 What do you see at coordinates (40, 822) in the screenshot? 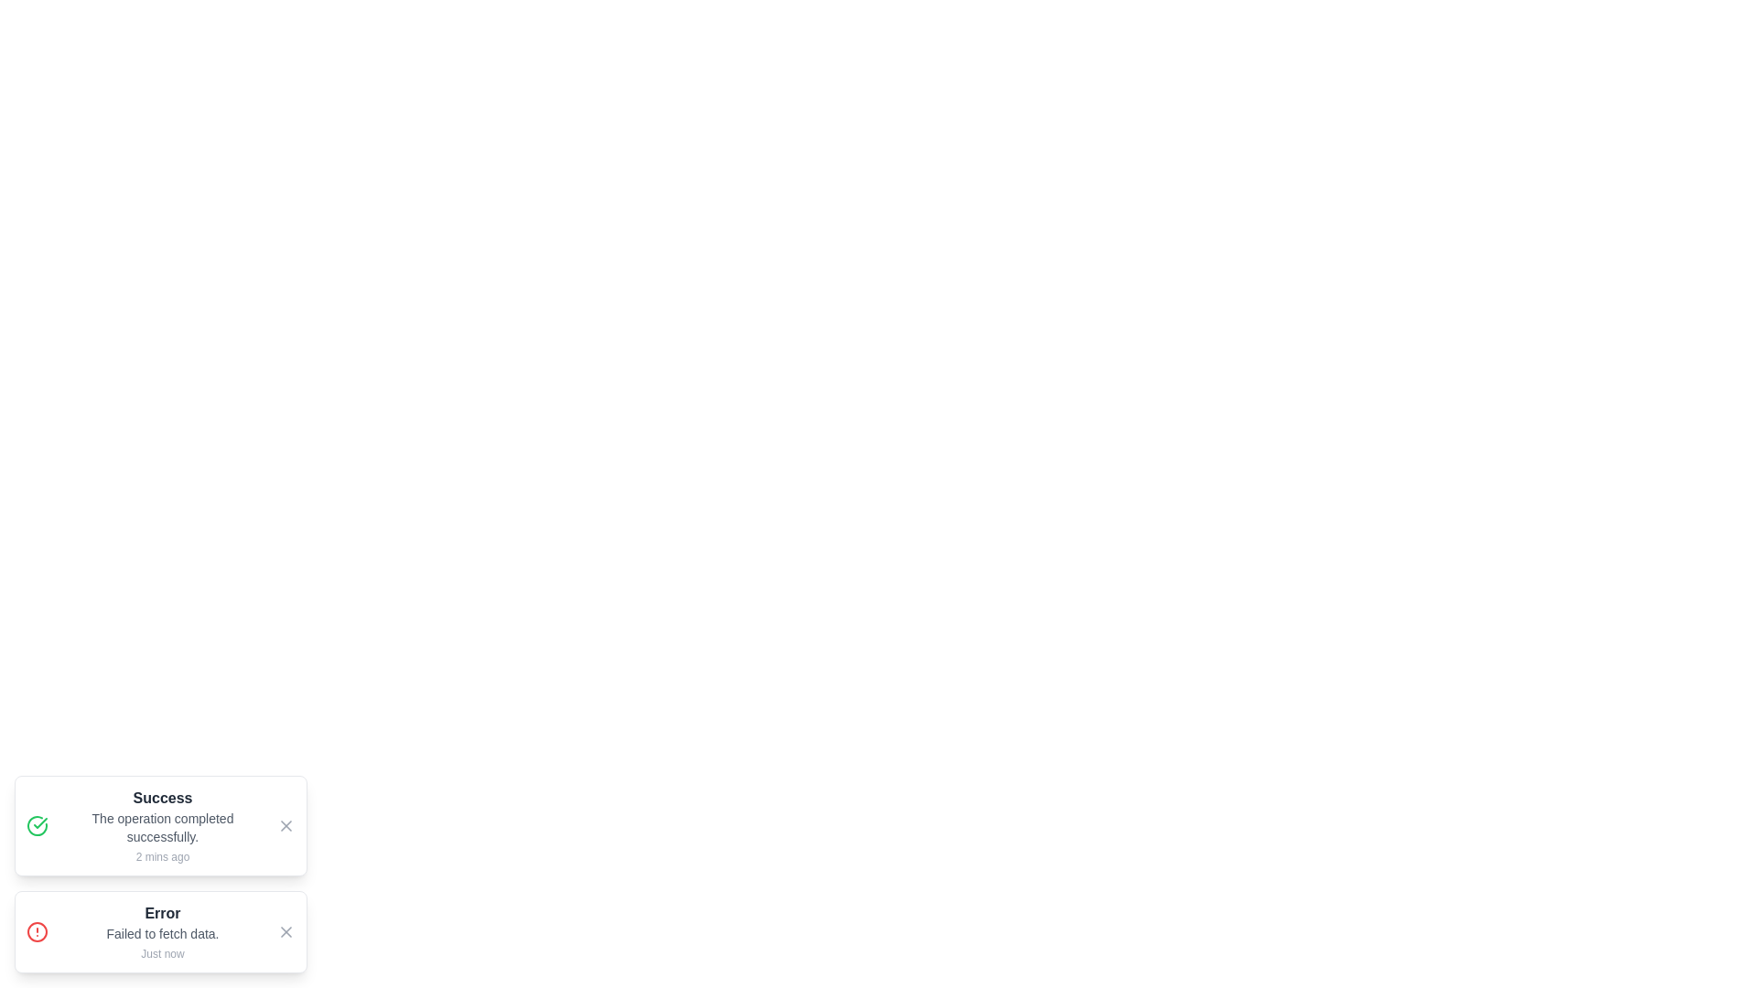
I see `the checkmark icon within the SVG illustration, which is part of a success notification bubble indicating successful completion of an operation` at bounding box center [40, 822].